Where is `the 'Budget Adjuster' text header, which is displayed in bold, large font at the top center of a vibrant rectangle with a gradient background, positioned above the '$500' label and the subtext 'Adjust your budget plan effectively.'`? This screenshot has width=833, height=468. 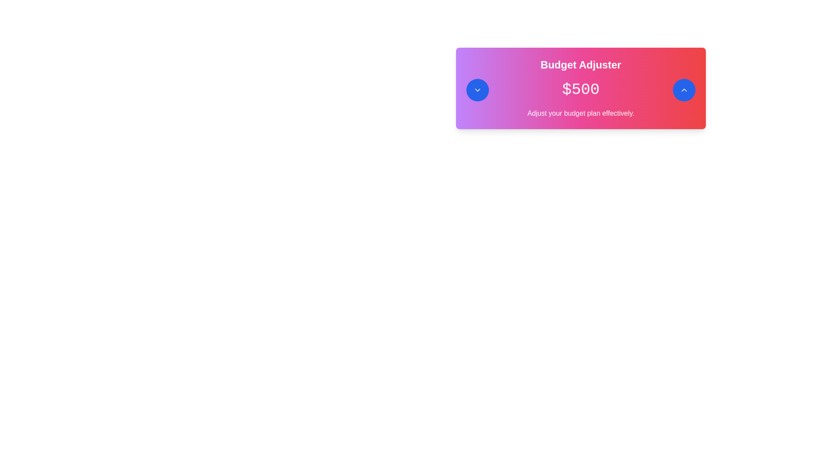
the 'Budget Adjuster' text header, which is displayed in bold, large font at the top center of a vibrant rectangle with a gradient background, positioned above the '$500' label and the subtext 'Adjust your budget plan effectively.' is located at coordinates (581, 65).